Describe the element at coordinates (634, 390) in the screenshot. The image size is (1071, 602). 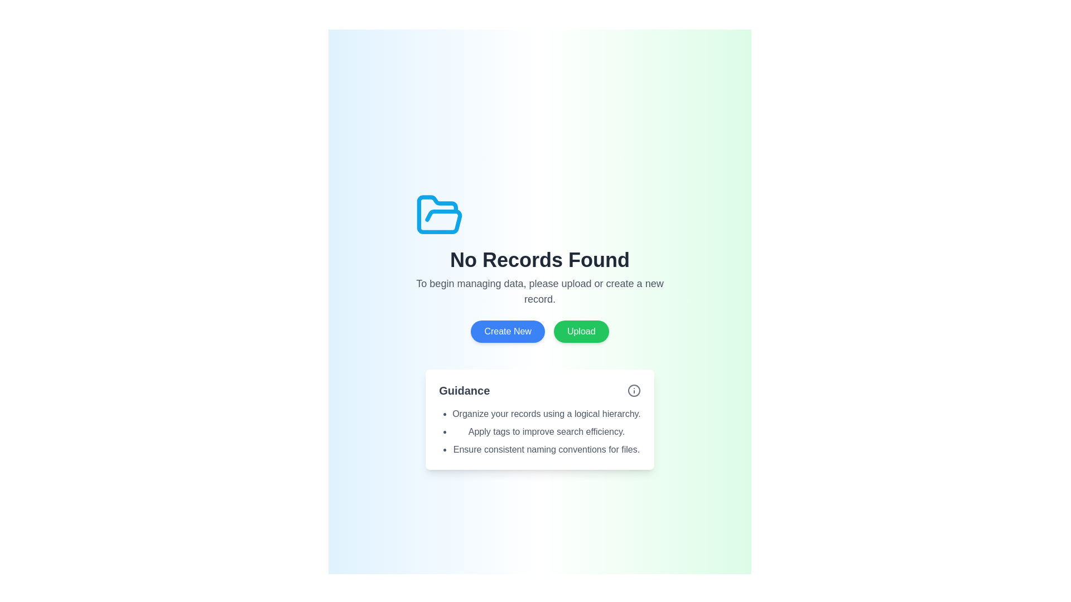
I see `the circular vector graphic SVG element that indicates additional guidance or help content, located near the top right corner of the 'Guidance' box` at that location.